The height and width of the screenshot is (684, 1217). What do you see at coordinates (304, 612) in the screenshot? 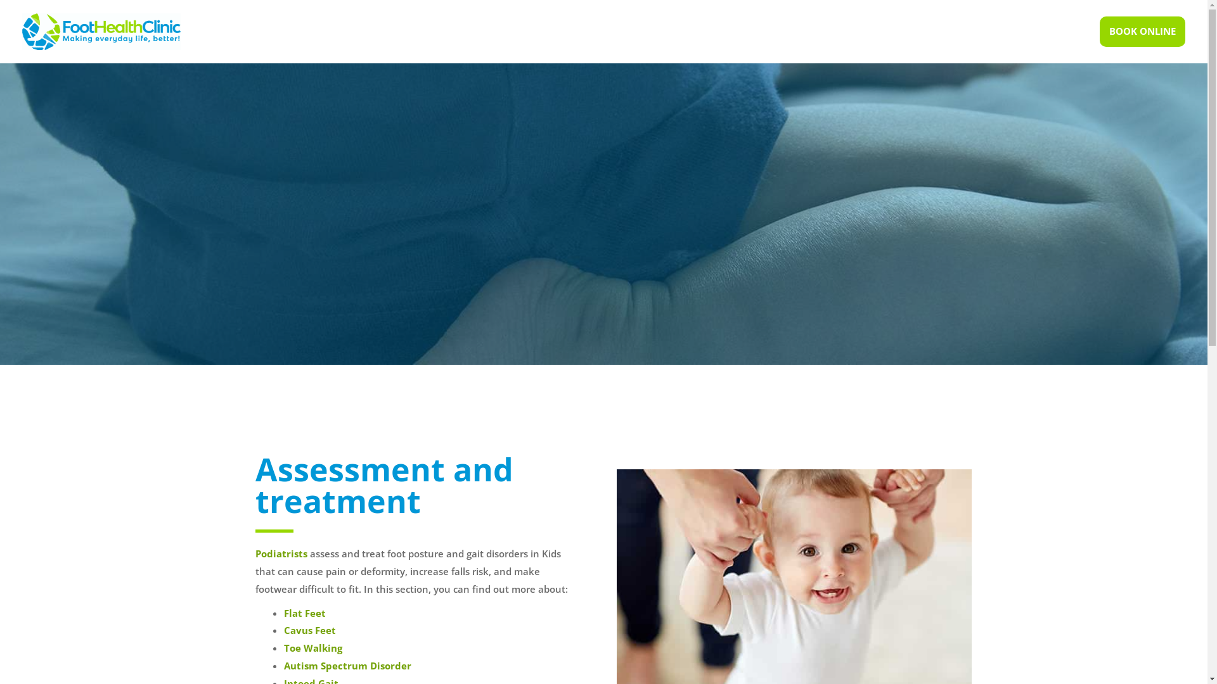
I see `'Flat Feet'` at bounding box center [304, 612].